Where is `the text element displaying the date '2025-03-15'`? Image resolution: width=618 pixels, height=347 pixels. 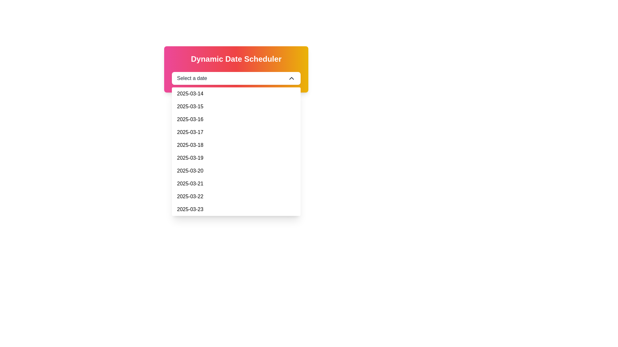 the text element displaying the date '2025-03-15' is located at coordinates (190, 106).